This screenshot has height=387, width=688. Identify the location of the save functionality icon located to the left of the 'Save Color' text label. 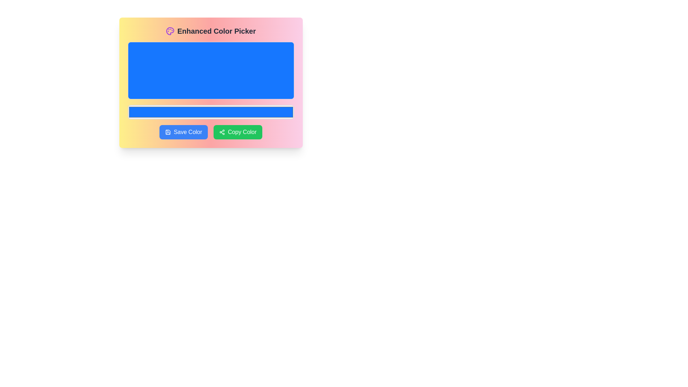
(167, 132).